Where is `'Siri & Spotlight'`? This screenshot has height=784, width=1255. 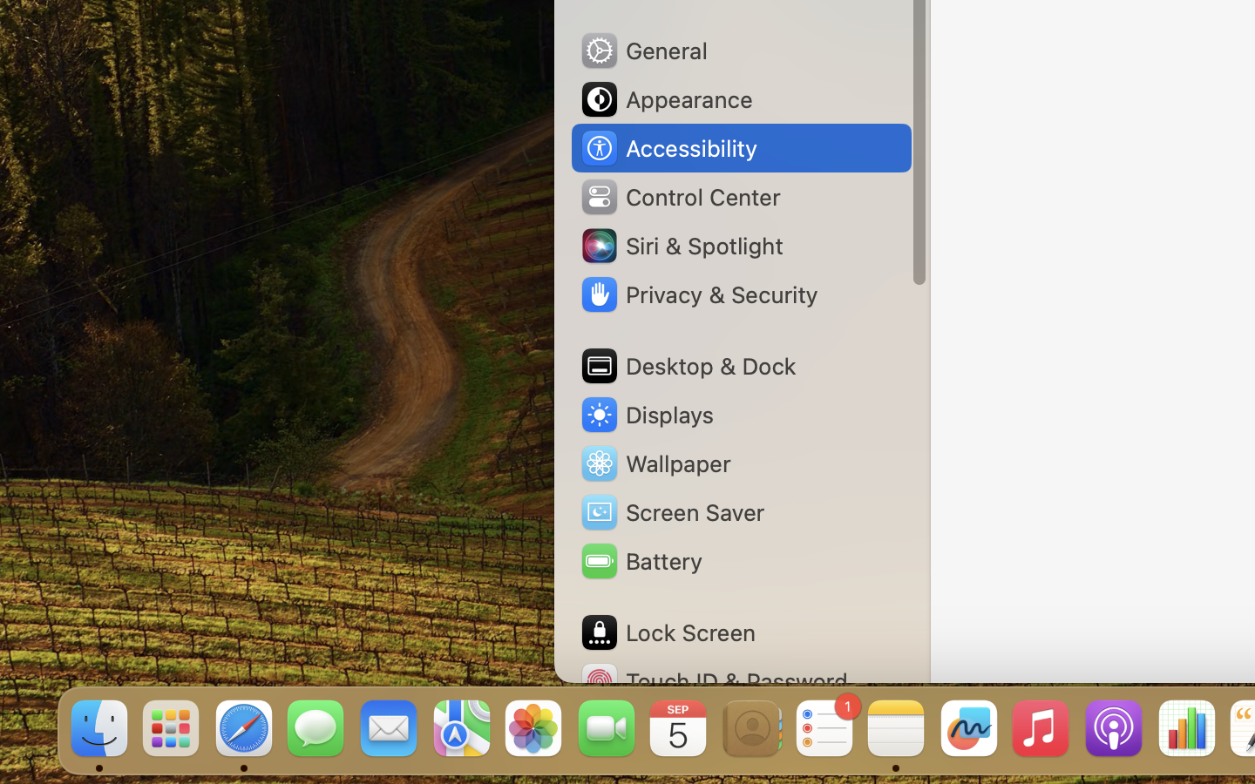
'Siri & Spotlight' is located at coordinates (681, 244).